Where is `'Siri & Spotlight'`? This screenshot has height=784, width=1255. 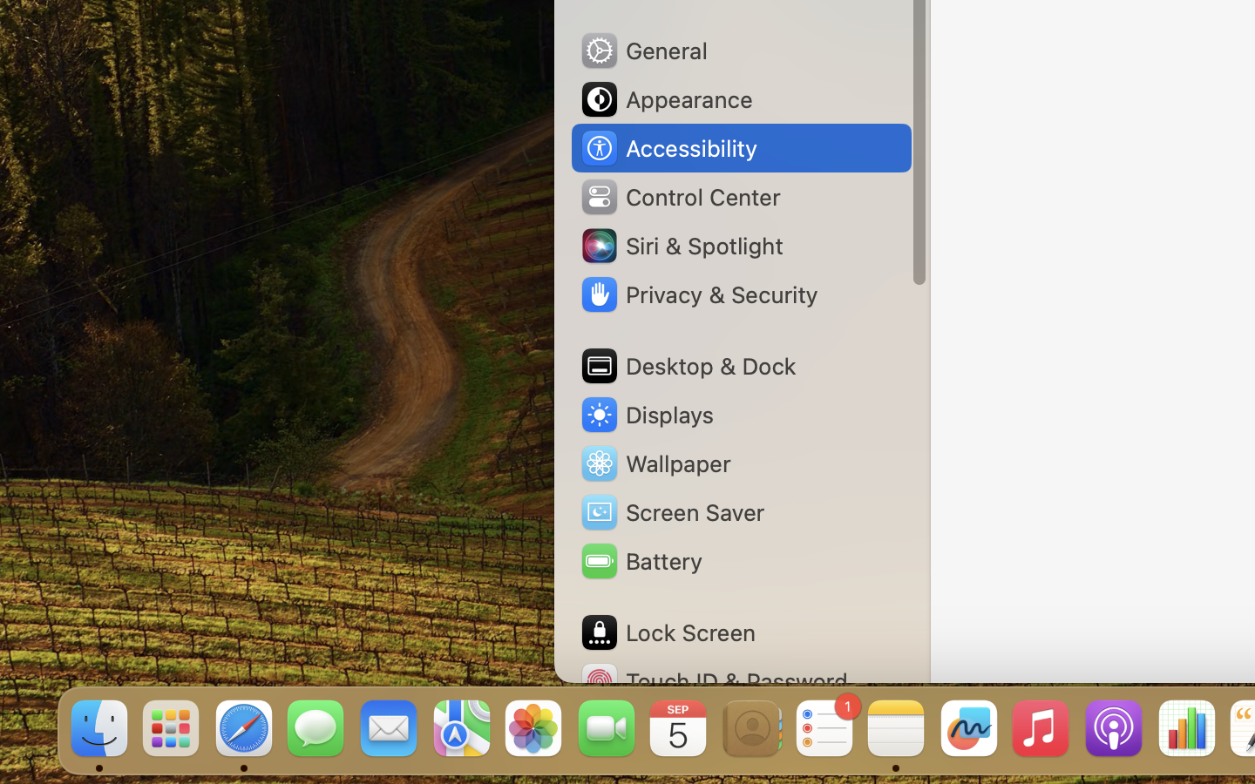
'Siri & Spotlight' is located at coordinates (681, 244).